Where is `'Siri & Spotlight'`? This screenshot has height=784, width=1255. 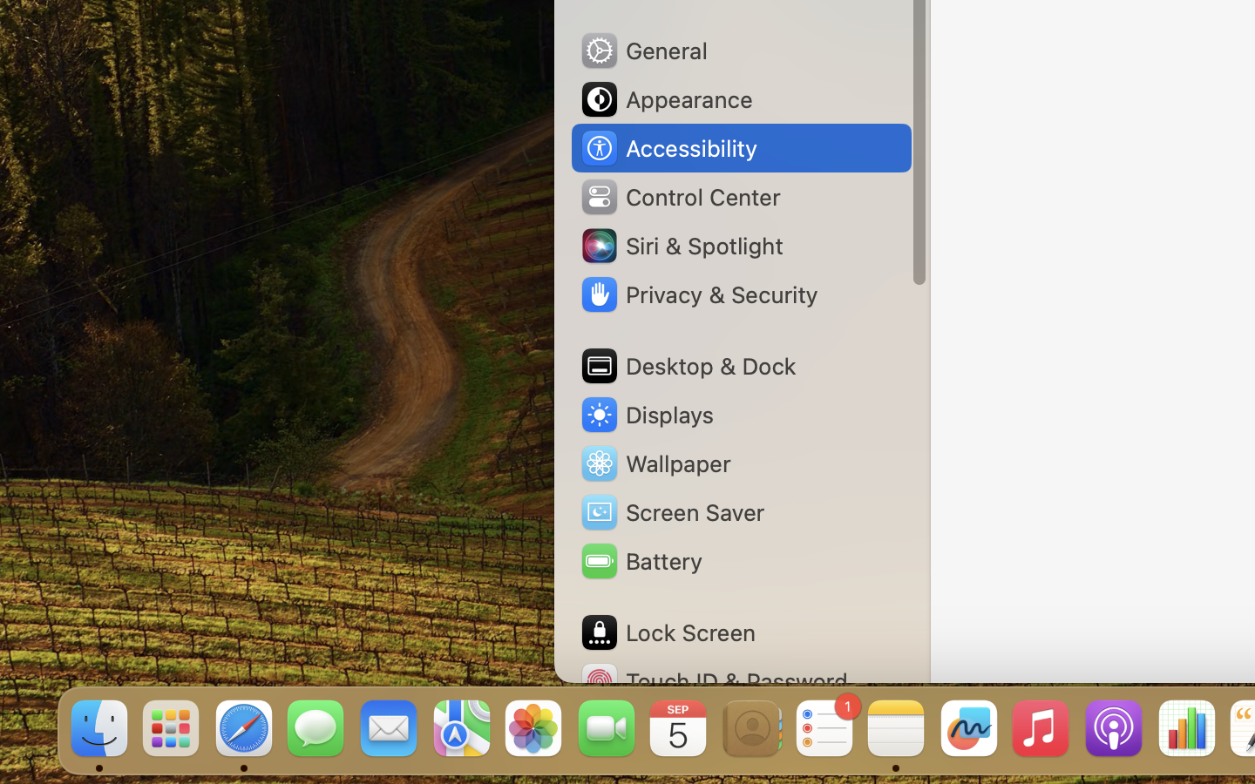
'Siri & Spotlight' is located at coordinates (681, 244).